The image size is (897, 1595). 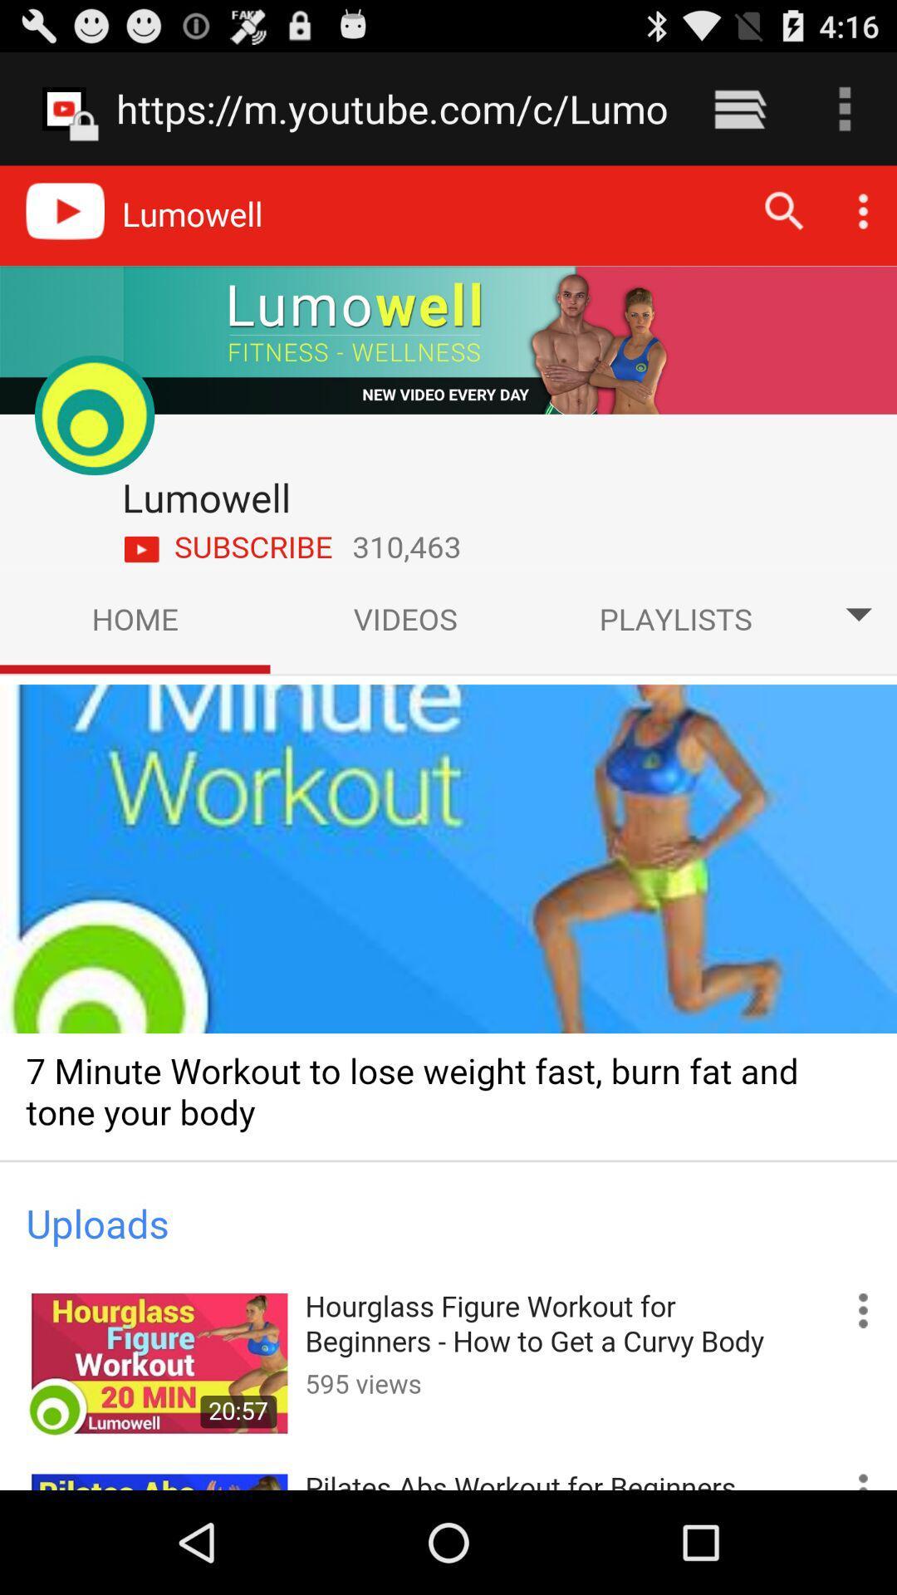 I want to click on the https m youtube item, so click(x=392, y=108).